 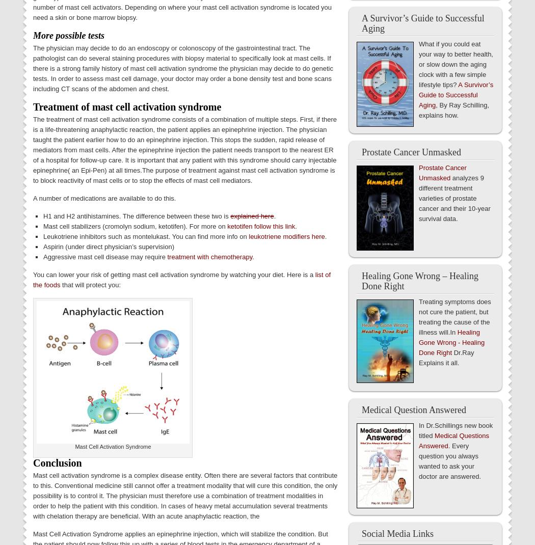 What do you see at coordinates (103, 197) in the screenshot?
I see `'A number of medications are available to do this.'` at bounding box center [103, 197].